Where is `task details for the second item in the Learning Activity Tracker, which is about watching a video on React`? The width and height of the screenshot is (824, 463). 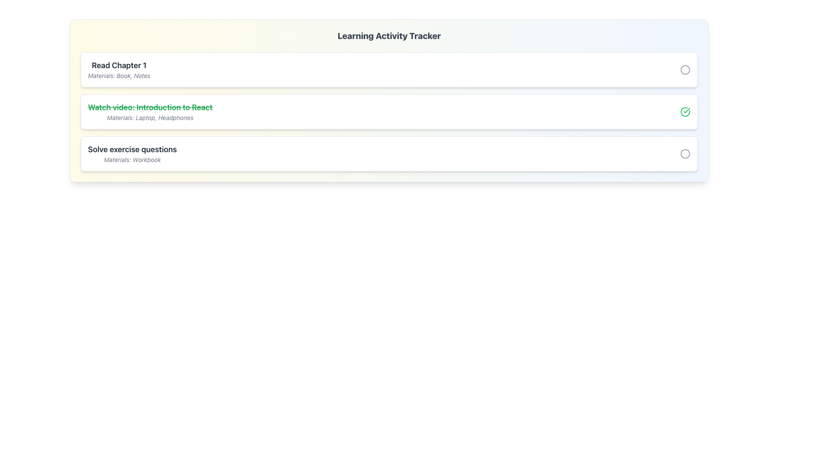 task details for the second item in the Learning Activity Tracker, which is about watching a video on React is located at coordinates (389, 111).